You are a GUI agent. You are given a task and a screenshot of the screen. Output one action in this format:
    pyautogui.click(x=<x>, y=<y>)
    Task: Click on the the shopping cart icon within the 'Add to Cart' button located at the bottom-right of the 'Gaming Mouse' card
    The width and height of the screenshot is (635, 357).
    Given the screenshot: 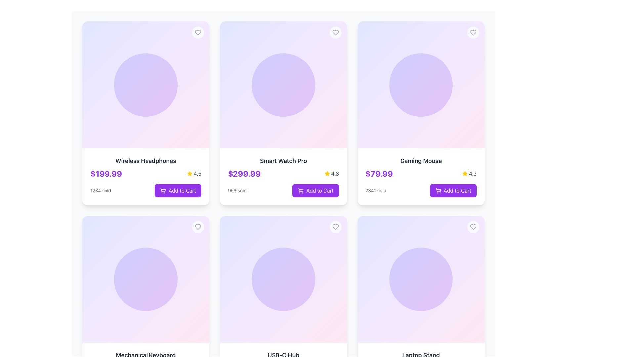 What is the action you would take?
    pyautogui.click(x=438, y=190)
    